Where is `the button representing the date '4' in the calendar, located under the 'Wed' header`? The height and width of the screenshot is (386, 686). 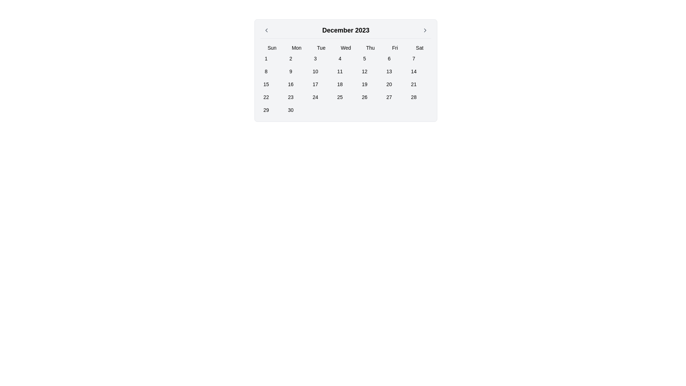
the button representing the date '4' in the calendar, located under the 'Wed' header is located at coordinates (339, 58).